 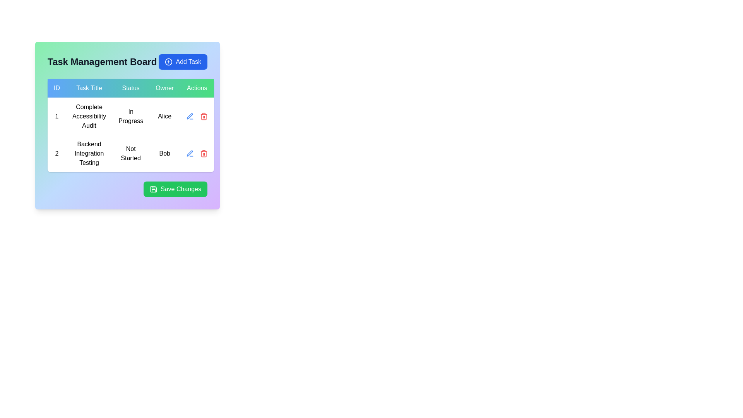 What do you see at coordinates (154, 189) in the screenshot?
I see `the green 'Save Changes' button at the bottom center of the task management board` at bounding box center [154, 189].